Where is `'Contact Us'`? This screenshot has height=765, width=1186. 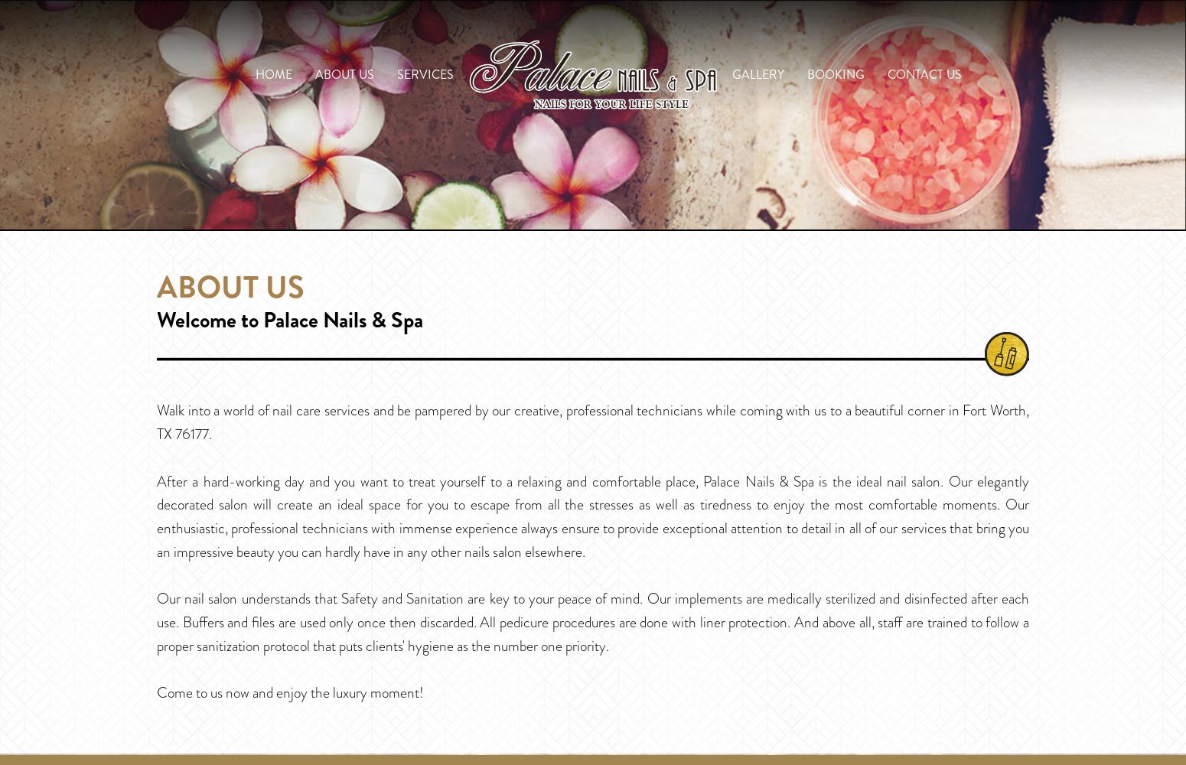
'Contact Us' is located at coordinates (924, 73).